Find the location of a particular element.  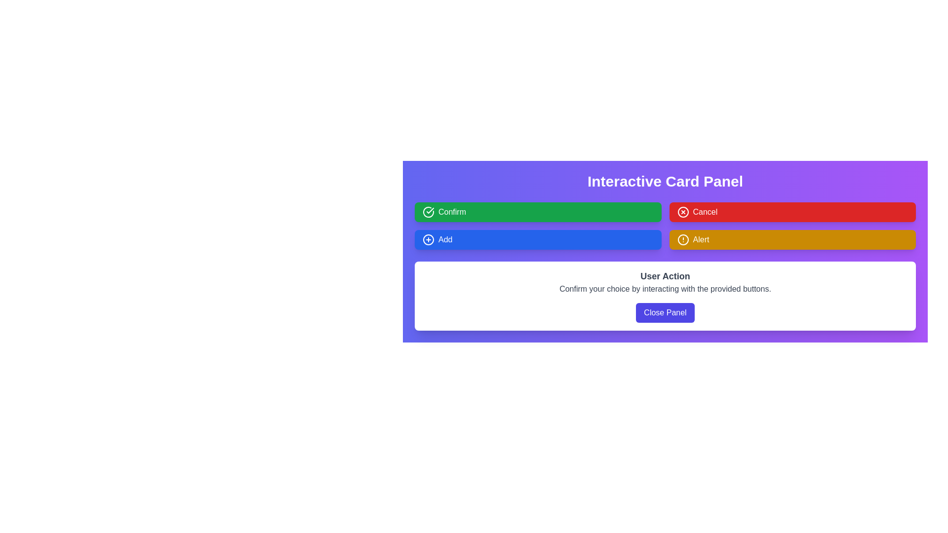

the 'Alert' button, which is the fourth button in the second row under the 'Interactive Card Panel', located to the right of the 'Cancel' button is located at coordinates (682, 240).